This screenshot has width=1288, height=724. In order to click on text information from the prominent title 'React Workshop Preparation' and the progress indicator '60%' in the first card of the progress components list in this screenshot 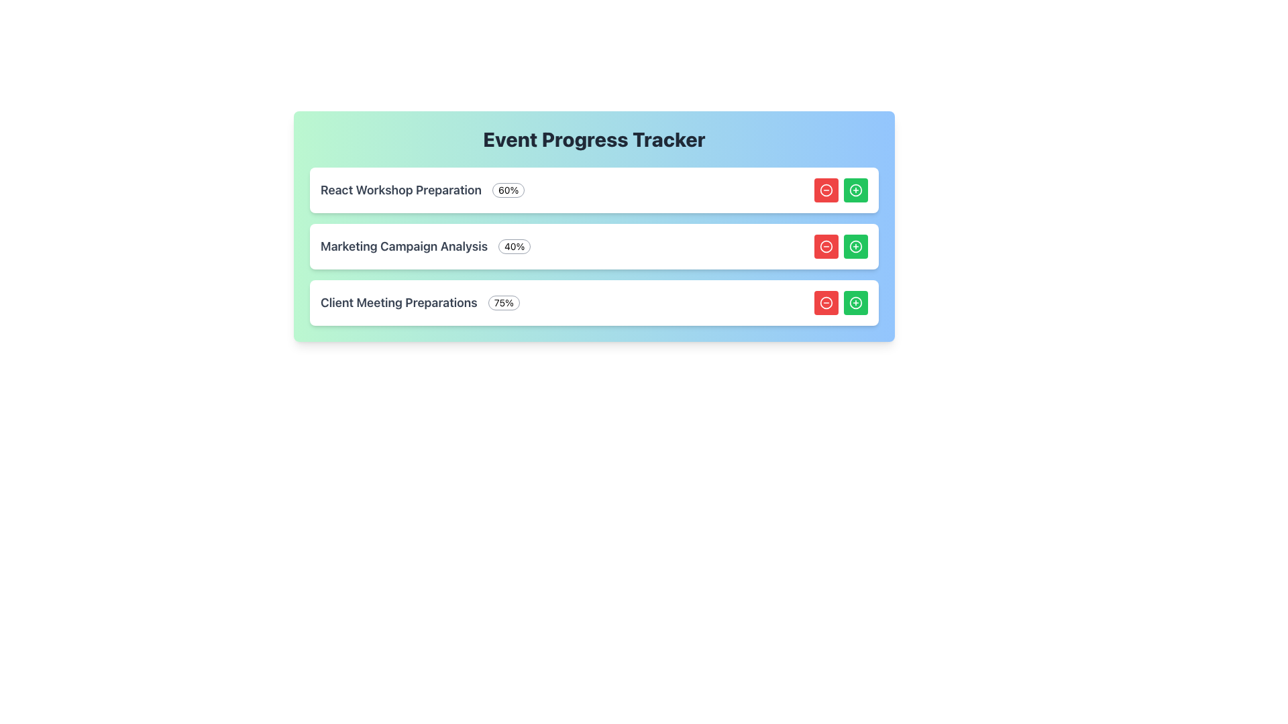, I will do `click(422, 190)`.